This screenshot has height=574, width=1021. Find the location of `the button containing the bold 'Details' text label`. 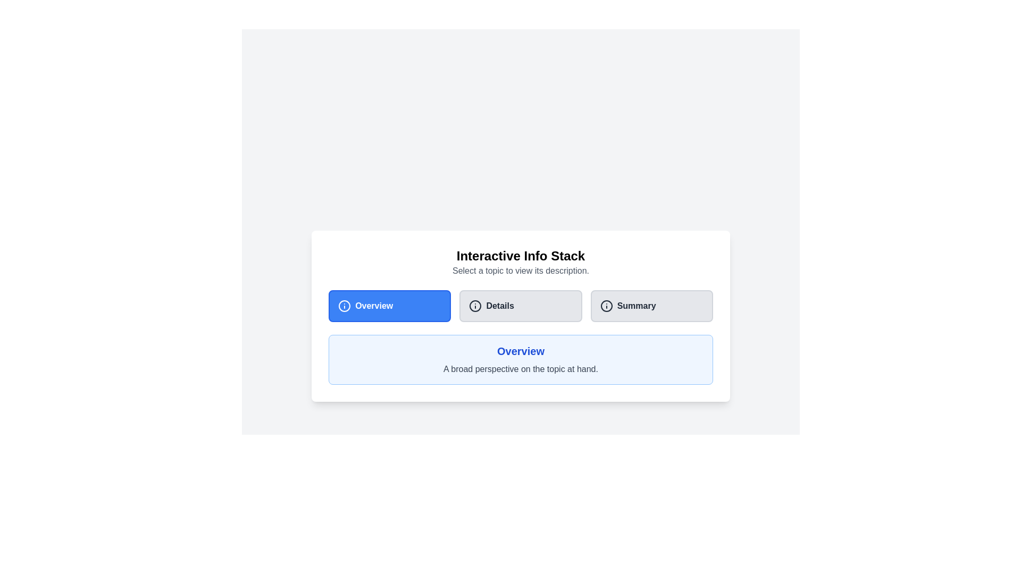

the button containing the bold 'Details' text label is located at coordinates (499, 306).